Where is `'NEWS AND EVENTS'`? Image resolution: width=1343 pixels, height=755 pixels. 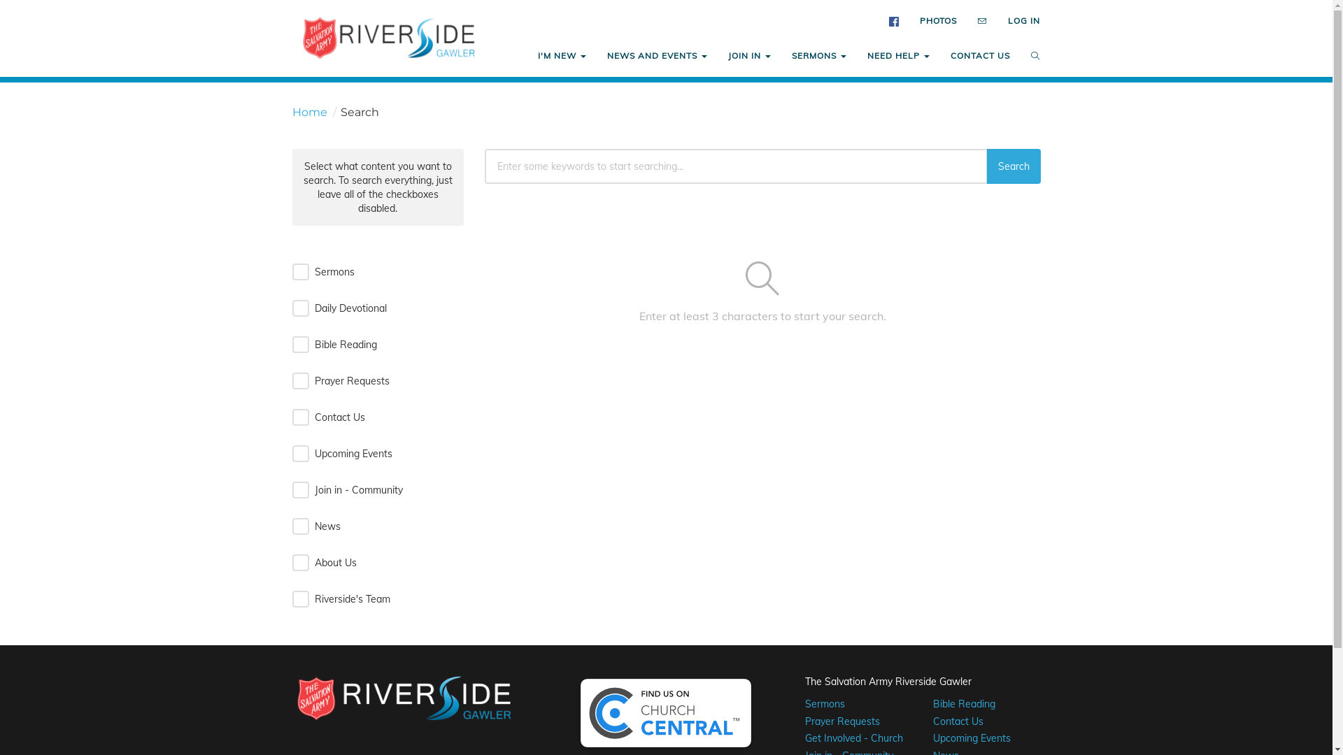 'NEWS AND EVENTS' is located at coordinates (597, 55).